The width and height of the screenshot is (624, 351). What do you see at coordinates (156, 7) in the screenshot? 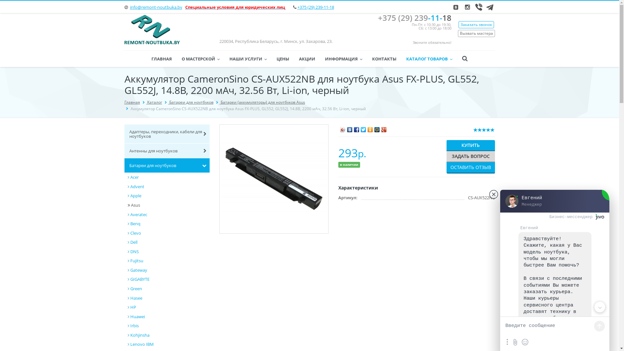
I see `'info@remont-noutbuka.by'` at bounding box center [156, 7].